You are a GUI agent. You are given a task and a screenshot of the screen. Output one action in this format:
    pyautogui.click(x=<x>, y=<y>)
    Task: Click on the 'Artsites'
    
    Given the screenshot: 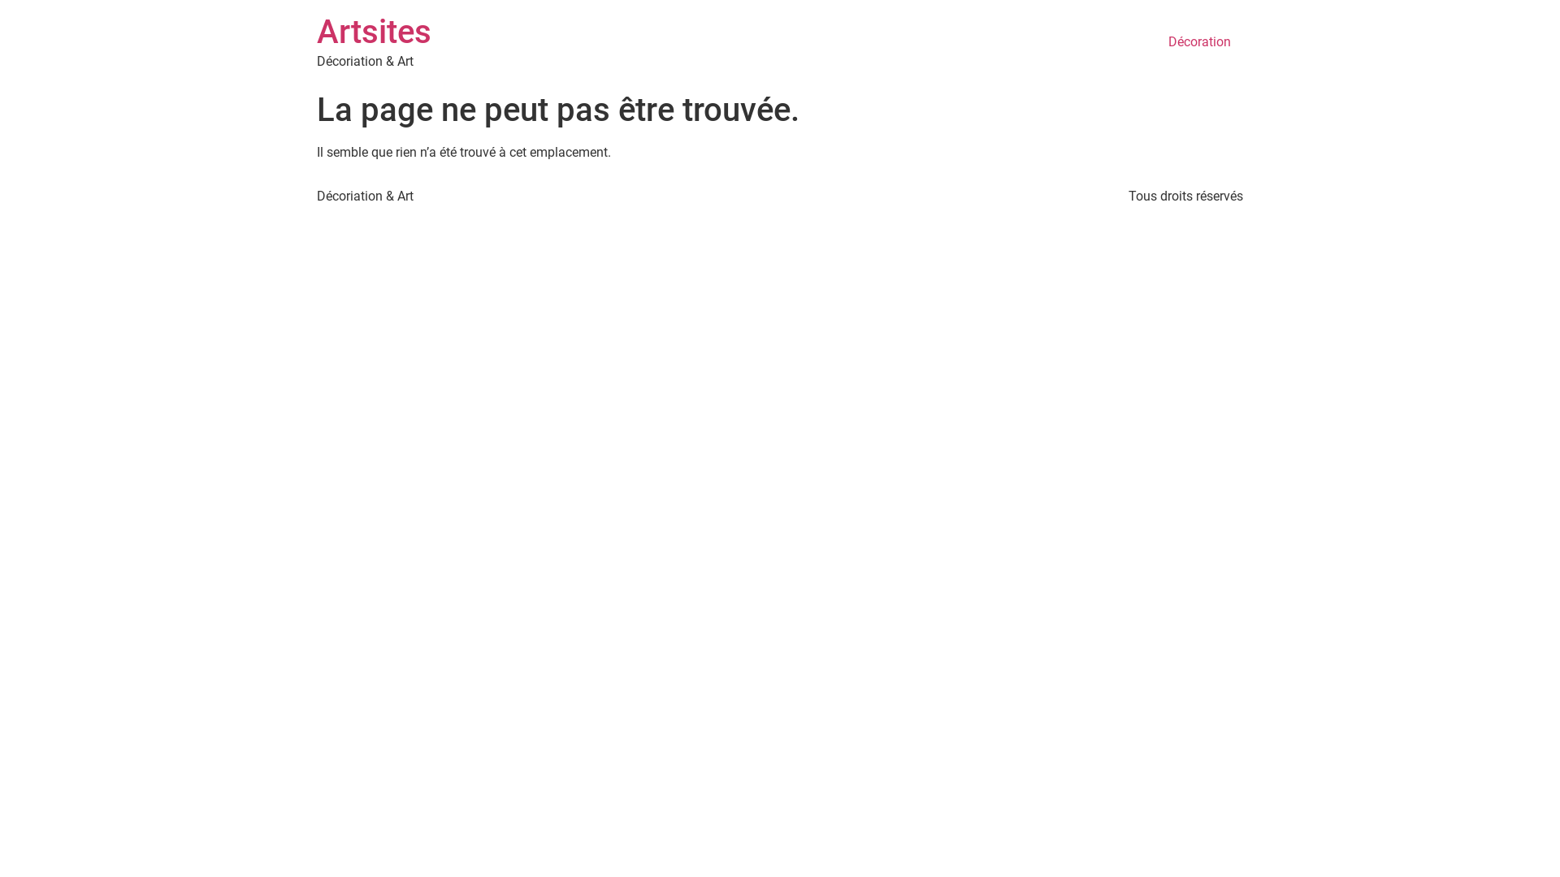 What is the action you would take?
    pyautogui.click(x=373, y=32)
    